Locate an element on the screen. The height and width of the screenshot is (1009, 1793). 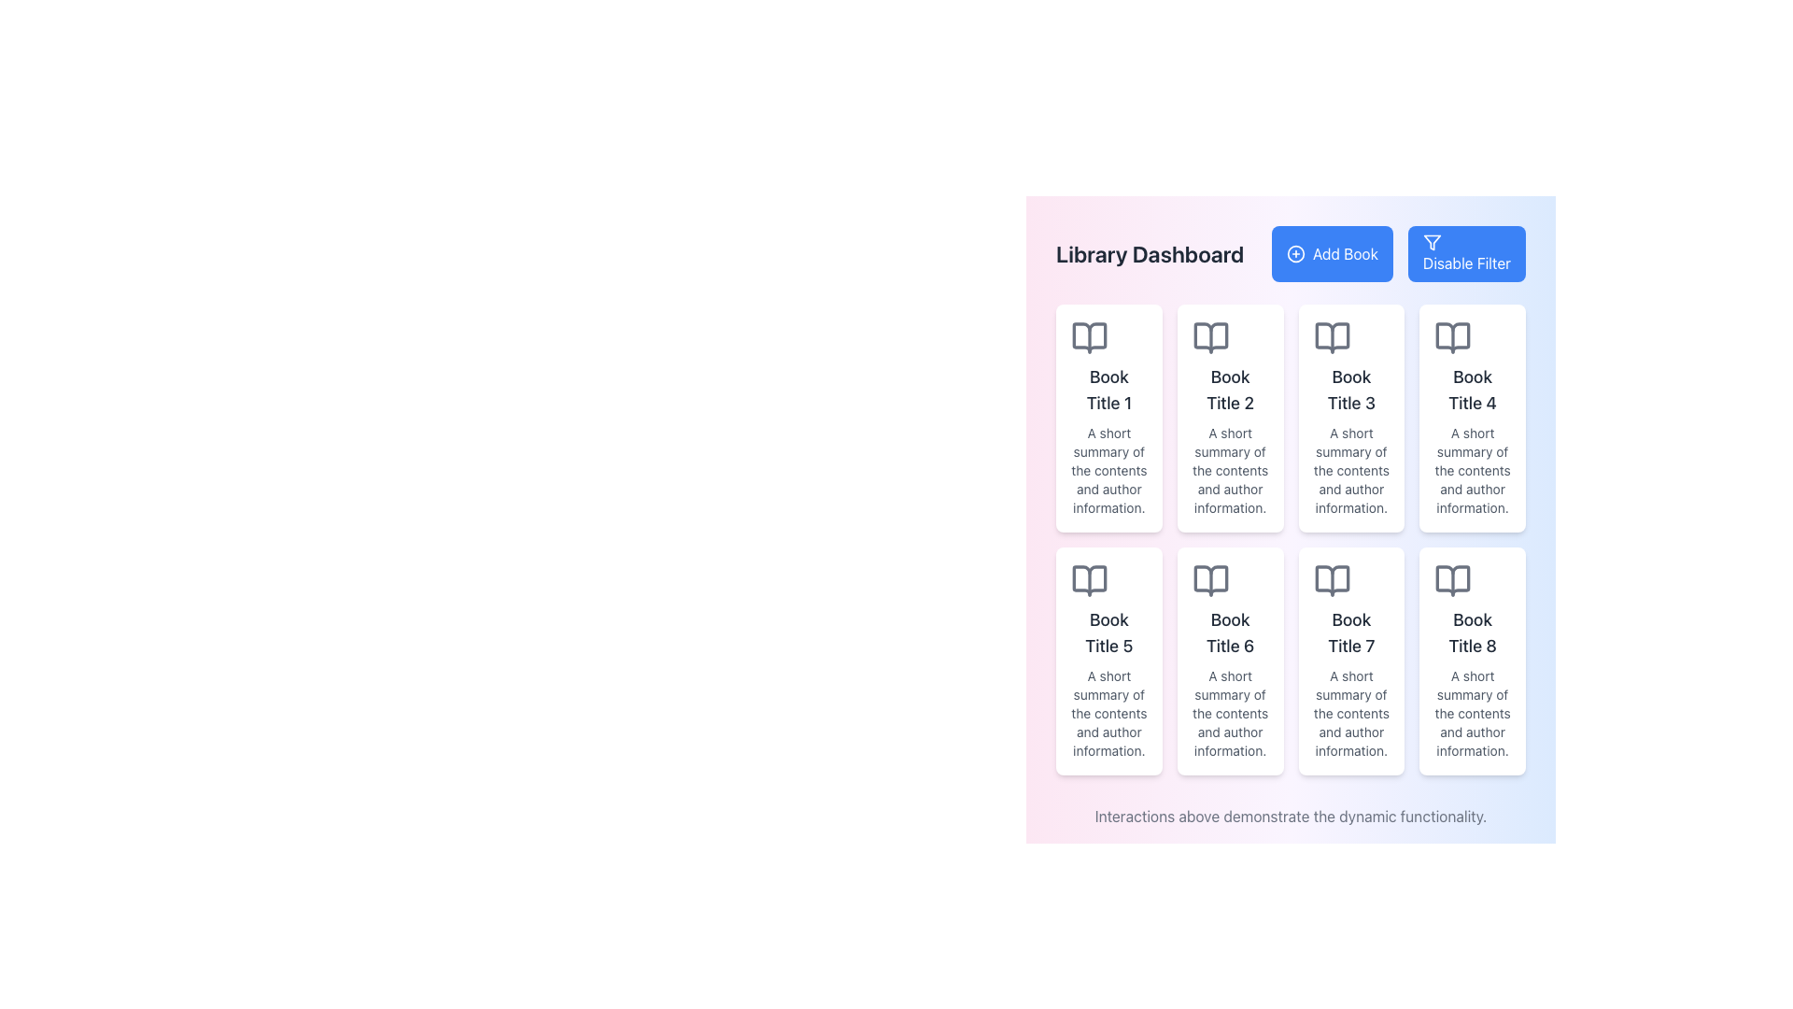
text content of the label displaying 'Book Title 8', which is centrally positioned within a card layout in the last column and last row of the grid is located at coordinates (1472, 632).